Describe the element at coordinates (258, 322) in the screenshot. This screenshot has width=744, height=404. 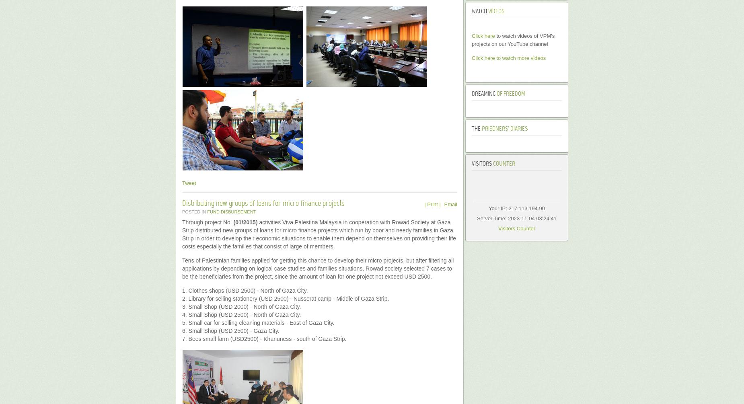
I see `'5. Small car for selling cleaning materials - East of Gaza City.'` at that location.